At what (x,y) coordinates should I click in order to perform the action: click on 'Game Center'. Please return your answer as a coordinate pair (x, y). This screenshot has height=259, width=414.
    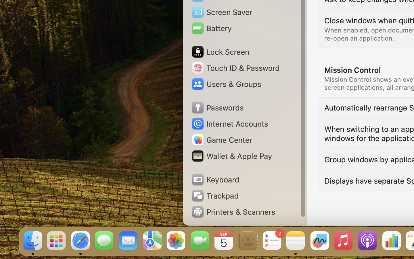
    Looking at the image, I should click on (221, 140).